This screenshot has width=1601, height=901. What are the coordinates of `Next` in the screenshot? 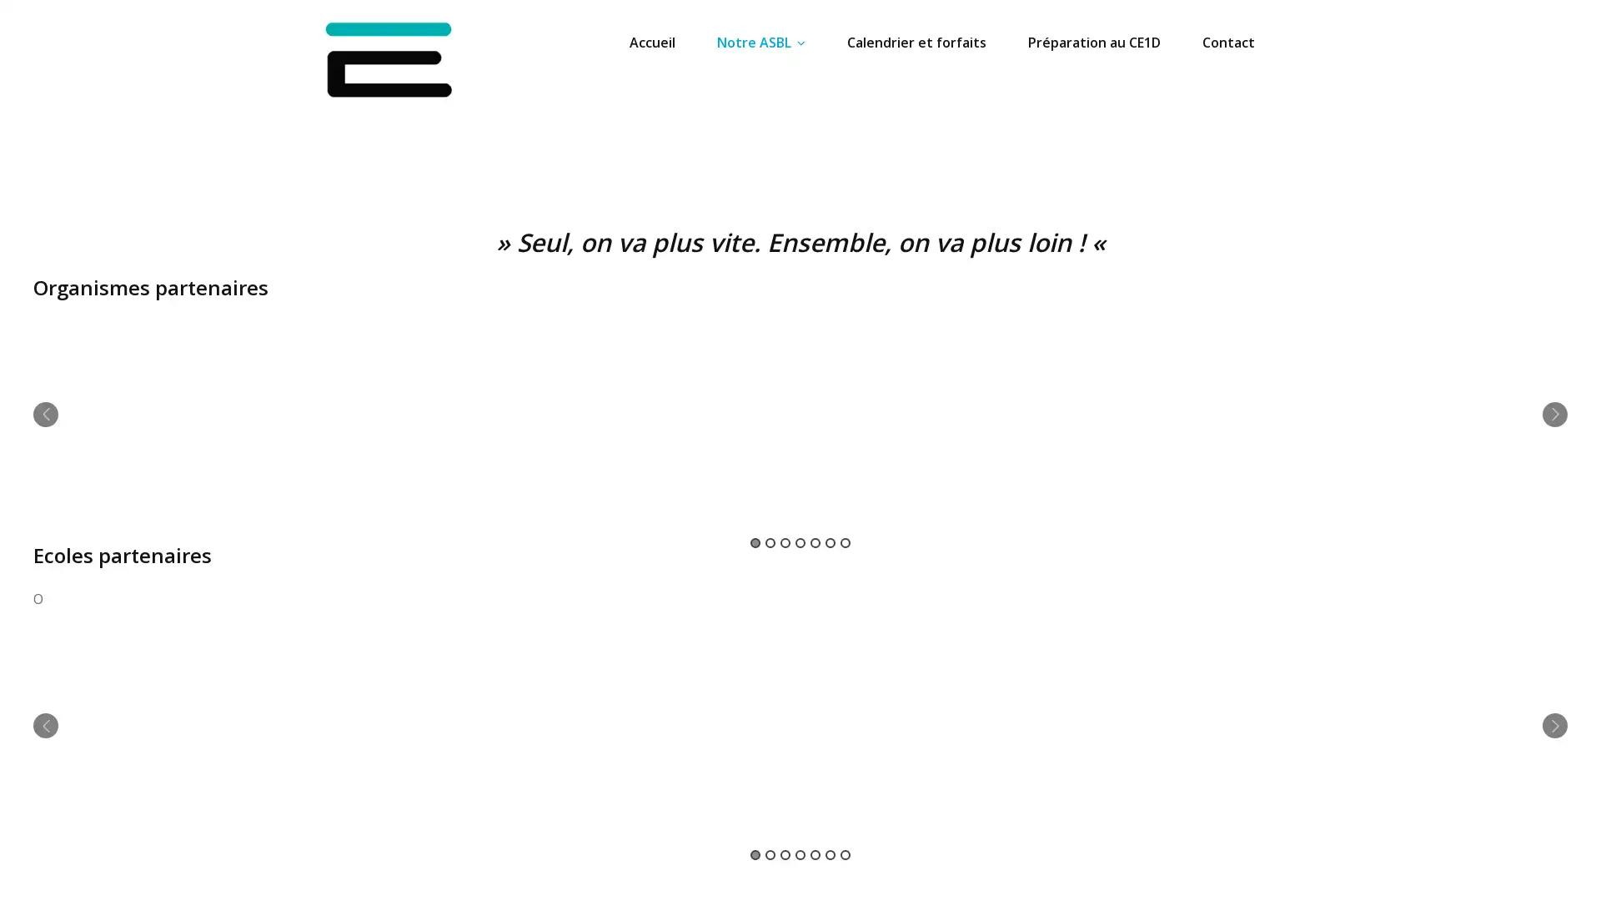 It's located at (1554, 413).